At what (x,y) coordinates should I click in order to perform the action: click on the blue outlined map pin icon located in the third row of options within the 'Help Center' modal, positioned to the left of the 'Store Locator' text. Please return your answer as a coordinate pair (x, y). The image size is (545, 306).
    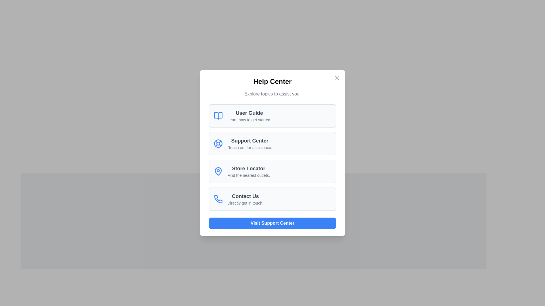
    Looking at the image, I should click on (218, 171).